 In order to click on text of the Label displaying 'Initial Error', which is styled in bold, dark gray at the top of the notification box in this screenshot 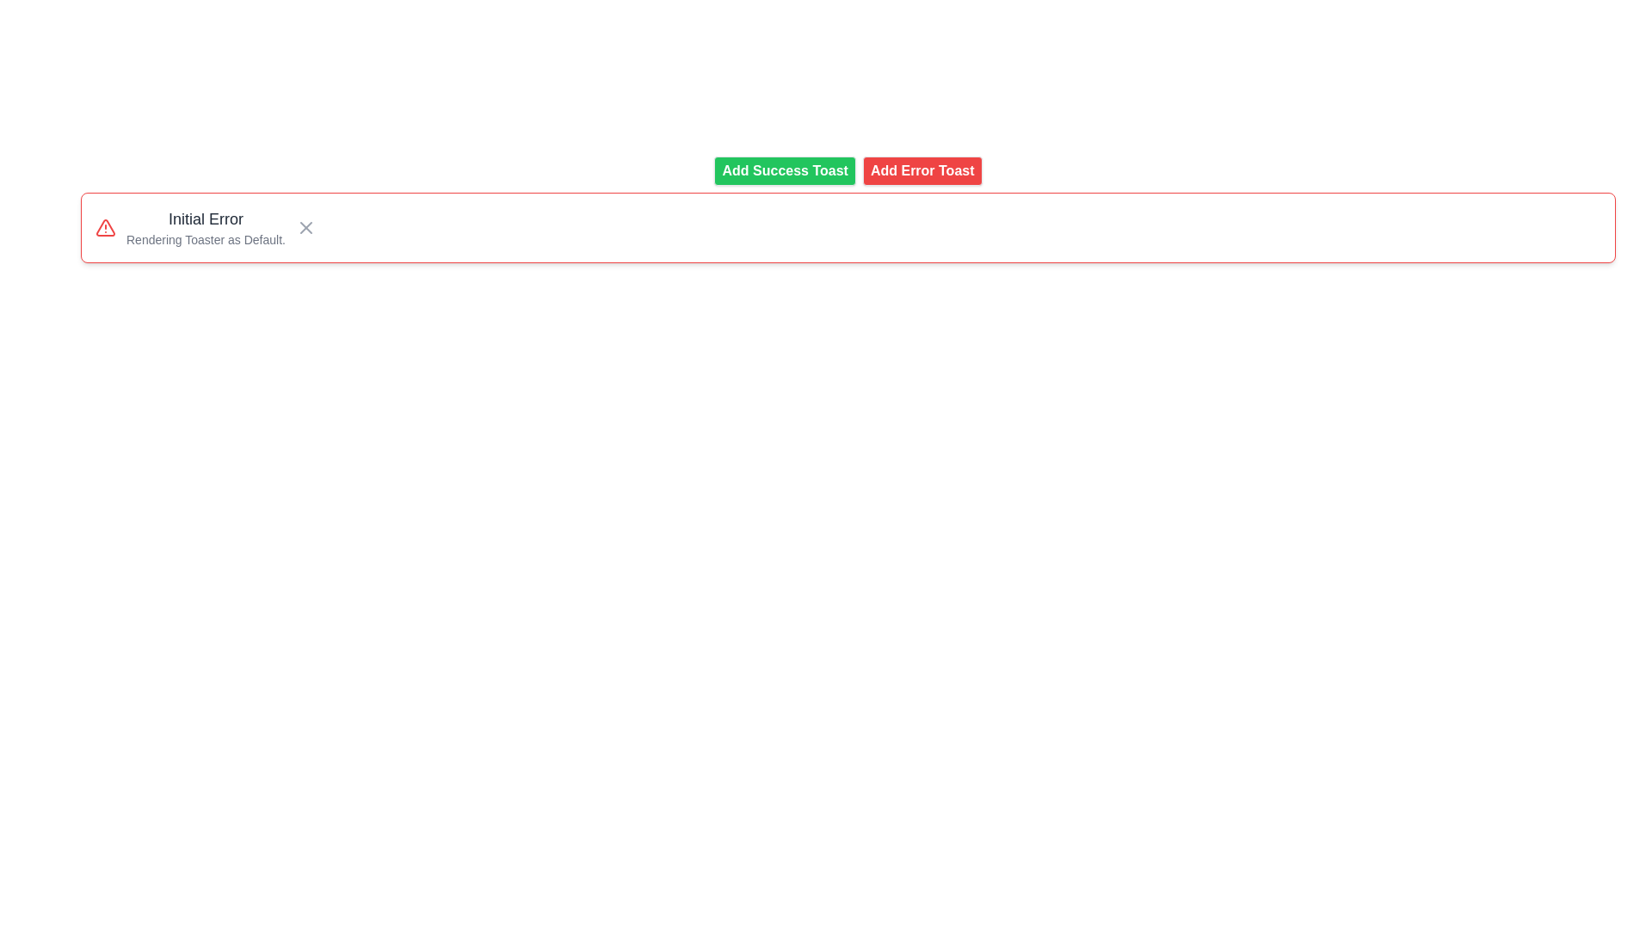, I will do `click(206, 218)`.